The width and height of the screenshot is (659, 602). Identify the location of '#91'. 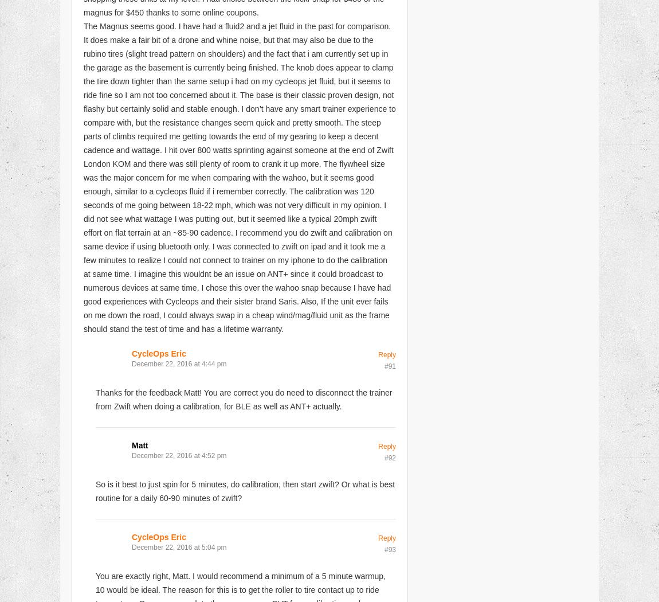
(389, 365).